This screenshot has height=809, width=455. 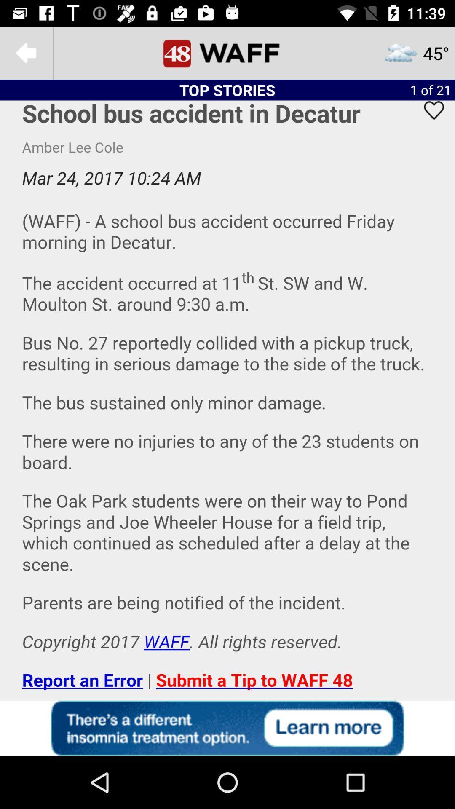 I want to click on the arrow_backward icon, so click(x=26, y=52).